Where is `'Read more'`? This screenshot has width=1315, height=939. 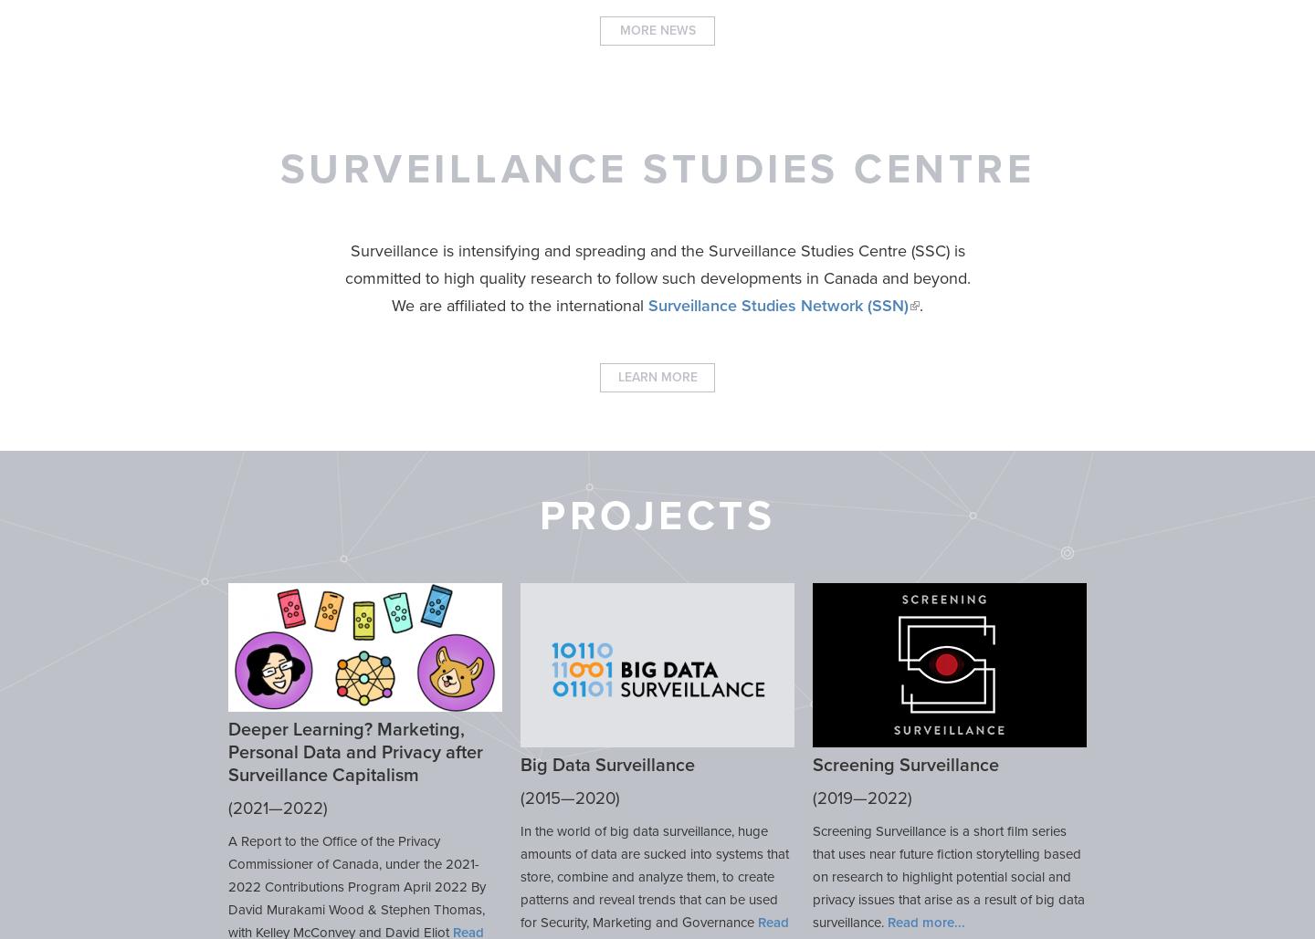
'Read more' is located at coordinates (887, 921).